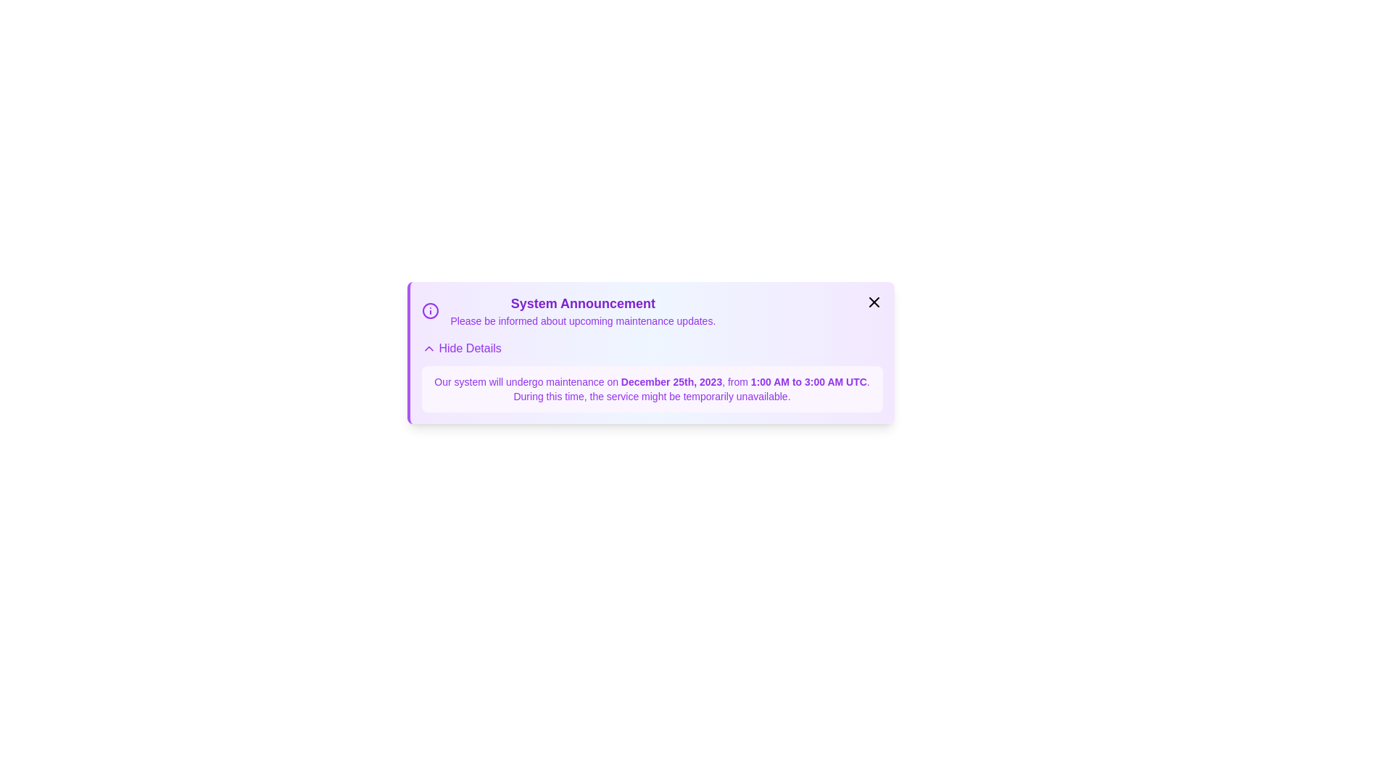 This screenshot has height=783, width=1392. What do you see at coordinates (583, 320) in the screenshot?
I see `the text label styled in small-sized purple font that conveys the message 'Please be informed about upcoming maintenance updates.', located directly beneath 'System Announcement'` at bounding box center [583, 320].